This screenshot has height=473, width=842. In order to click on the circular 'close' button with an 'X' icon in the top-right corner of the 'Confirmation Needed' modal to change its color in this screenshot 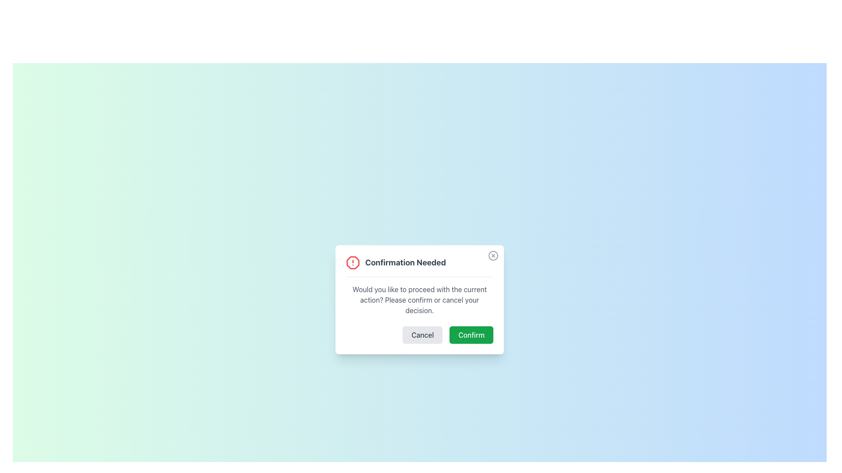, I will do `click(493, 255)`.